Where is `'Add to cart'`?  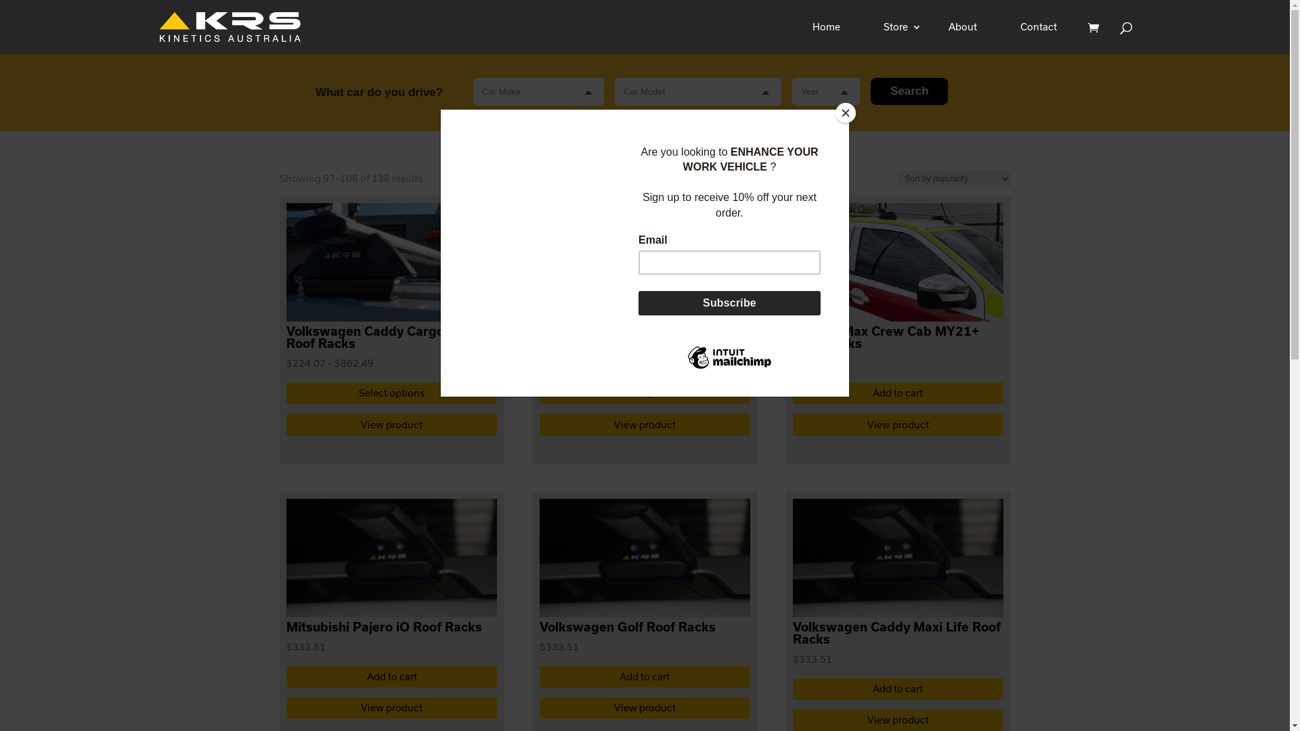
'Add to cart' is located at coordinates (898, 393).